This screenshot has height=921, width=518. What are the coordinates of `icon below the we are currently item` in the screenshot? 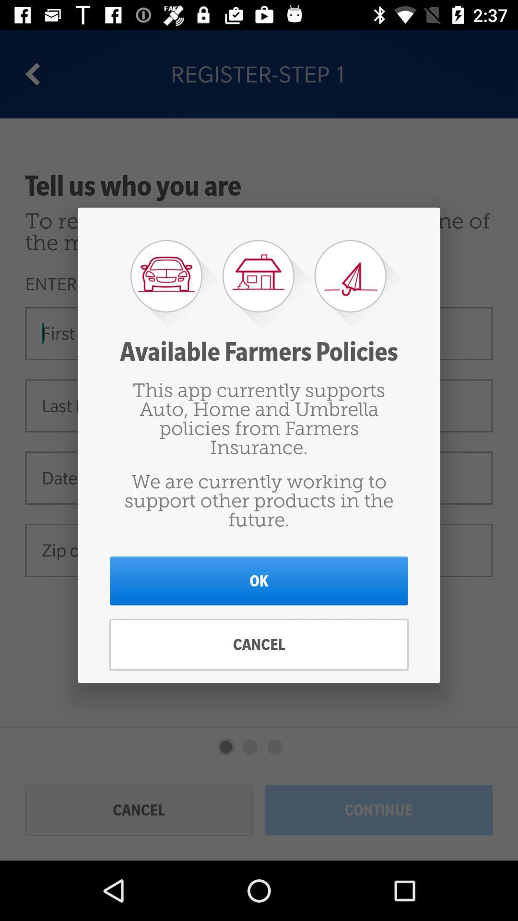 It's located at (259, 580).